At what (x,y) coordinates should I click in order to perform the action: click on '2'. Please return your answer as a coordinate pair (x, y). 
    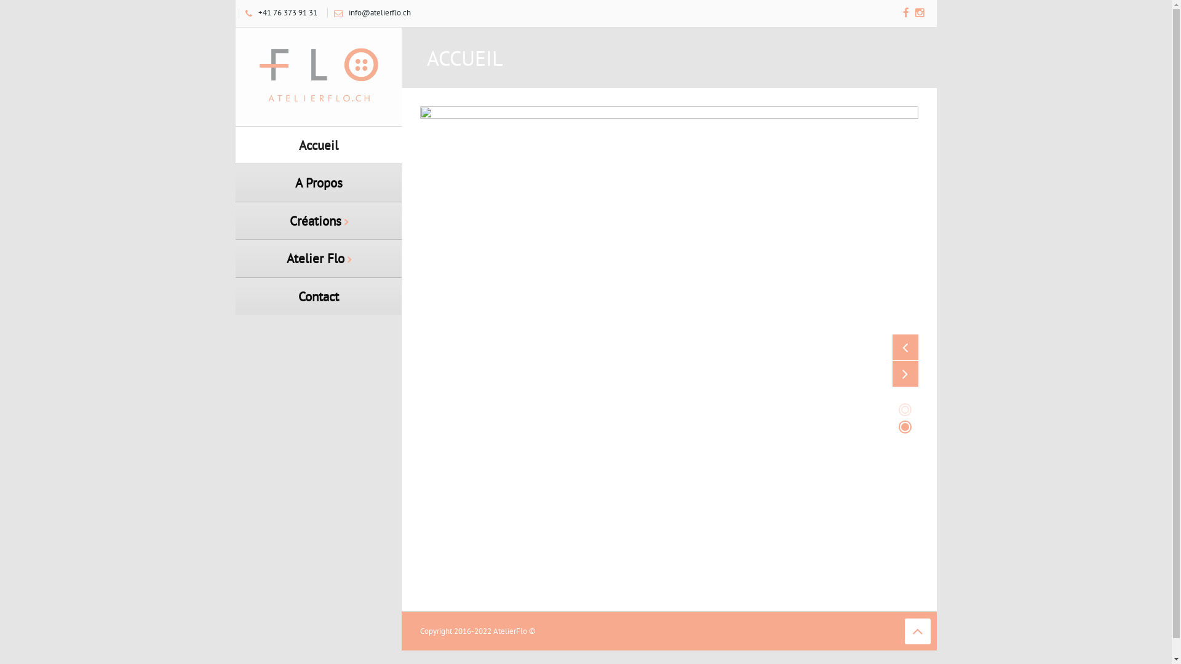
    Looking at the image, I should click on (904, 426).